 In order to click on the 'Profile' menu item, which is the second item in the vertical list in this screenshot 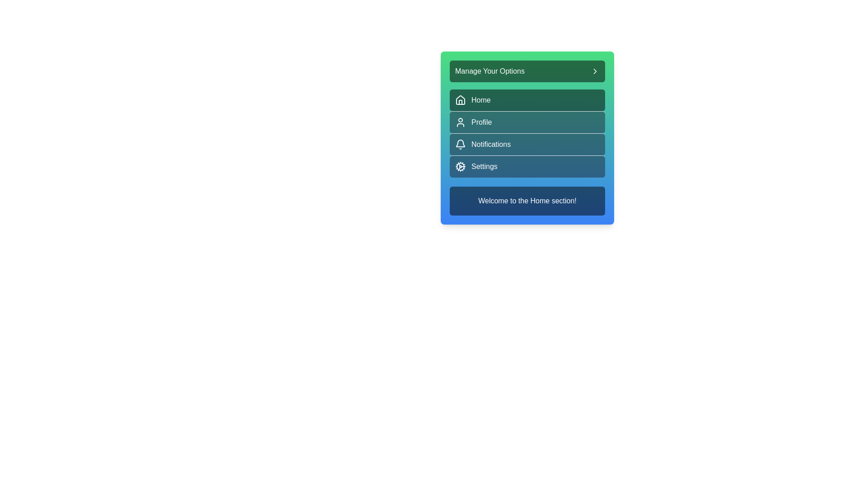, I will do `click(527, 122)`.